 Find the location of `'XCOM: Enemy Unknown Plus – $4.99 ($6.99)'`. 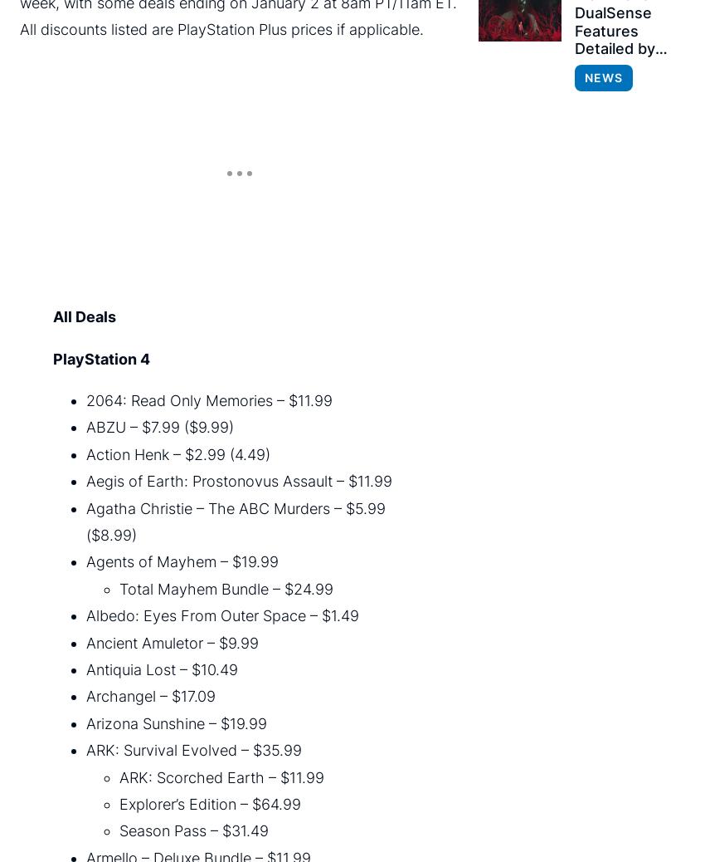

'XCOM: Enemy Unknown Plus – $4.99 ($6.99)' is located at coordinates (240, 407).